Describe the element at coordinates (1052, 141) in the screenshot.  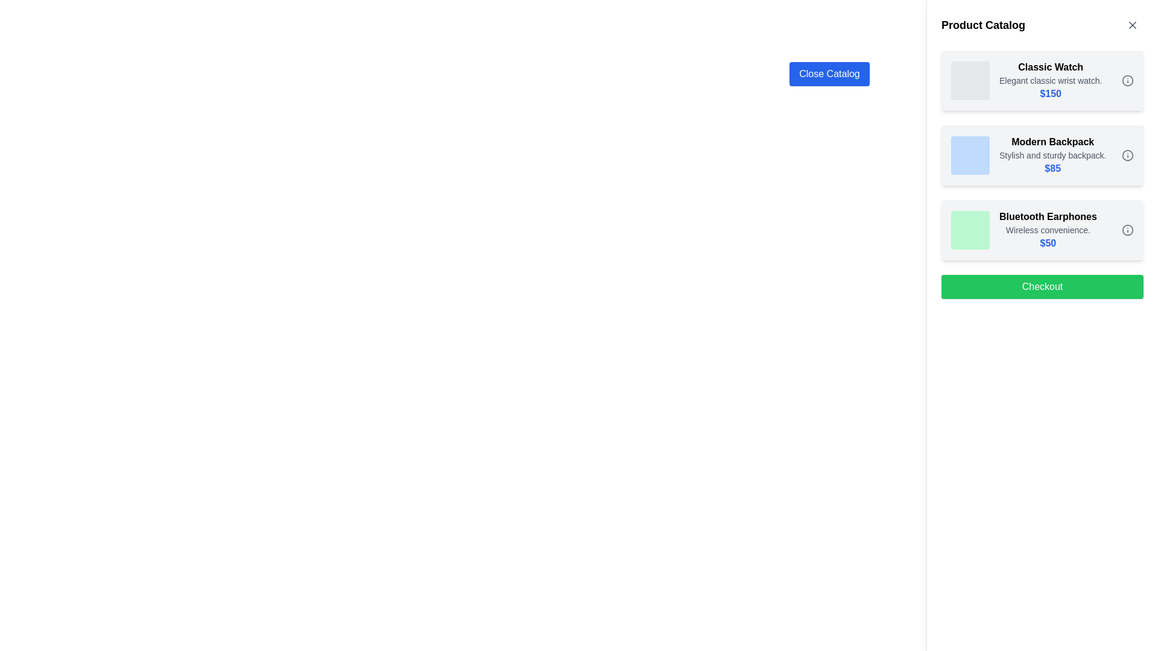
I see `product name 'Modern Backpack' which is prominently displayed in bold black text within the Product Catalog section, specifically the second item in the list` at that location.